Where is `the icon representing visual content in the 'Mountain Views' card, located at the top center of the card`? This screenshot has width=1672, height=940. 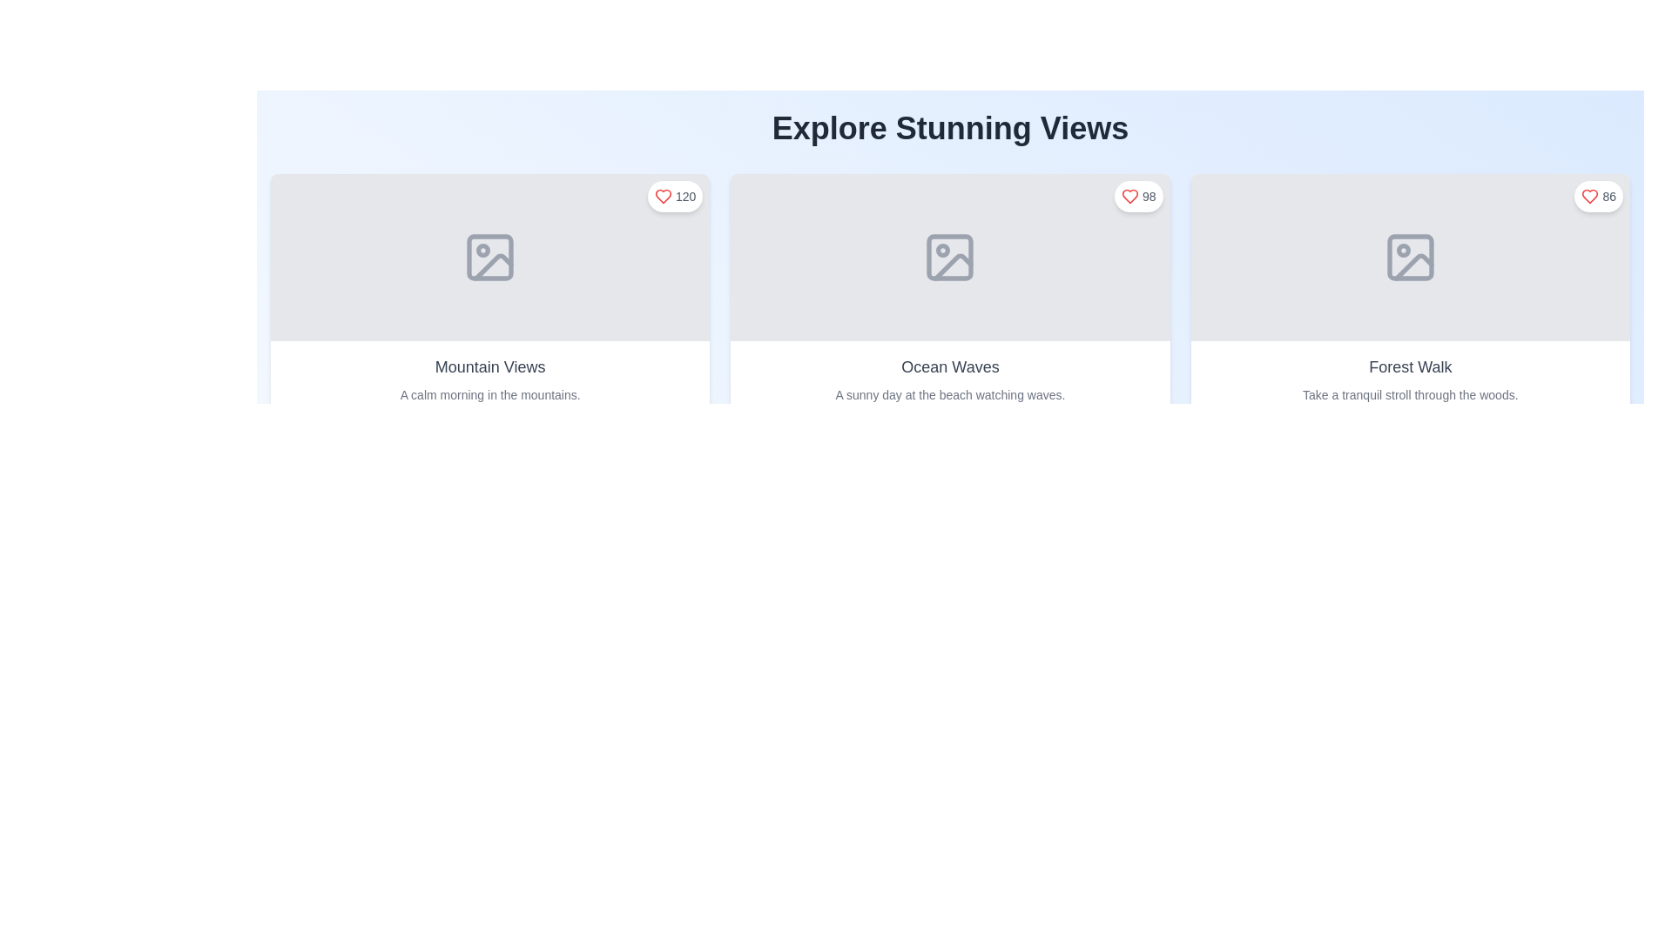
the icon representing visual content in the 'Mountain Views' card, located at the top center of the card is located at coordinates (489, 258).